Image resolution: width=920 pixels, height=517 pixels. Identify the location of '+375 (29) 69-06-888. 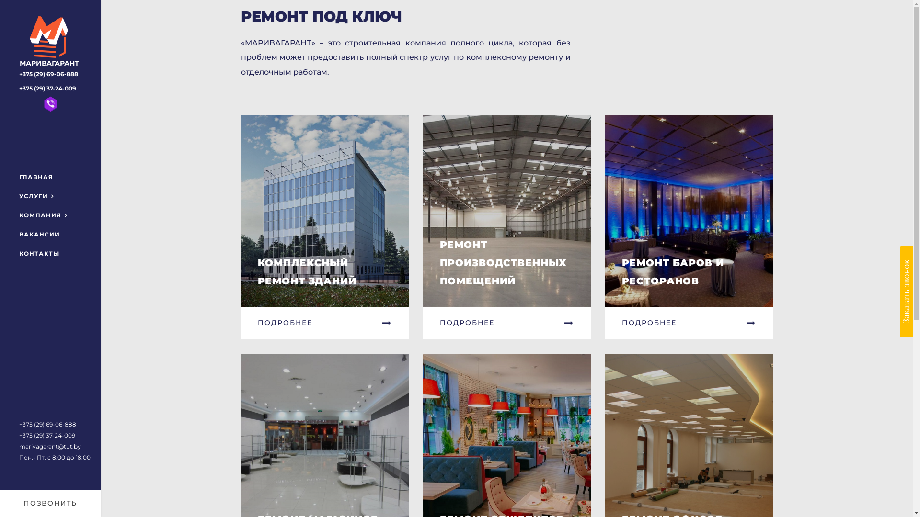
(48, 80).